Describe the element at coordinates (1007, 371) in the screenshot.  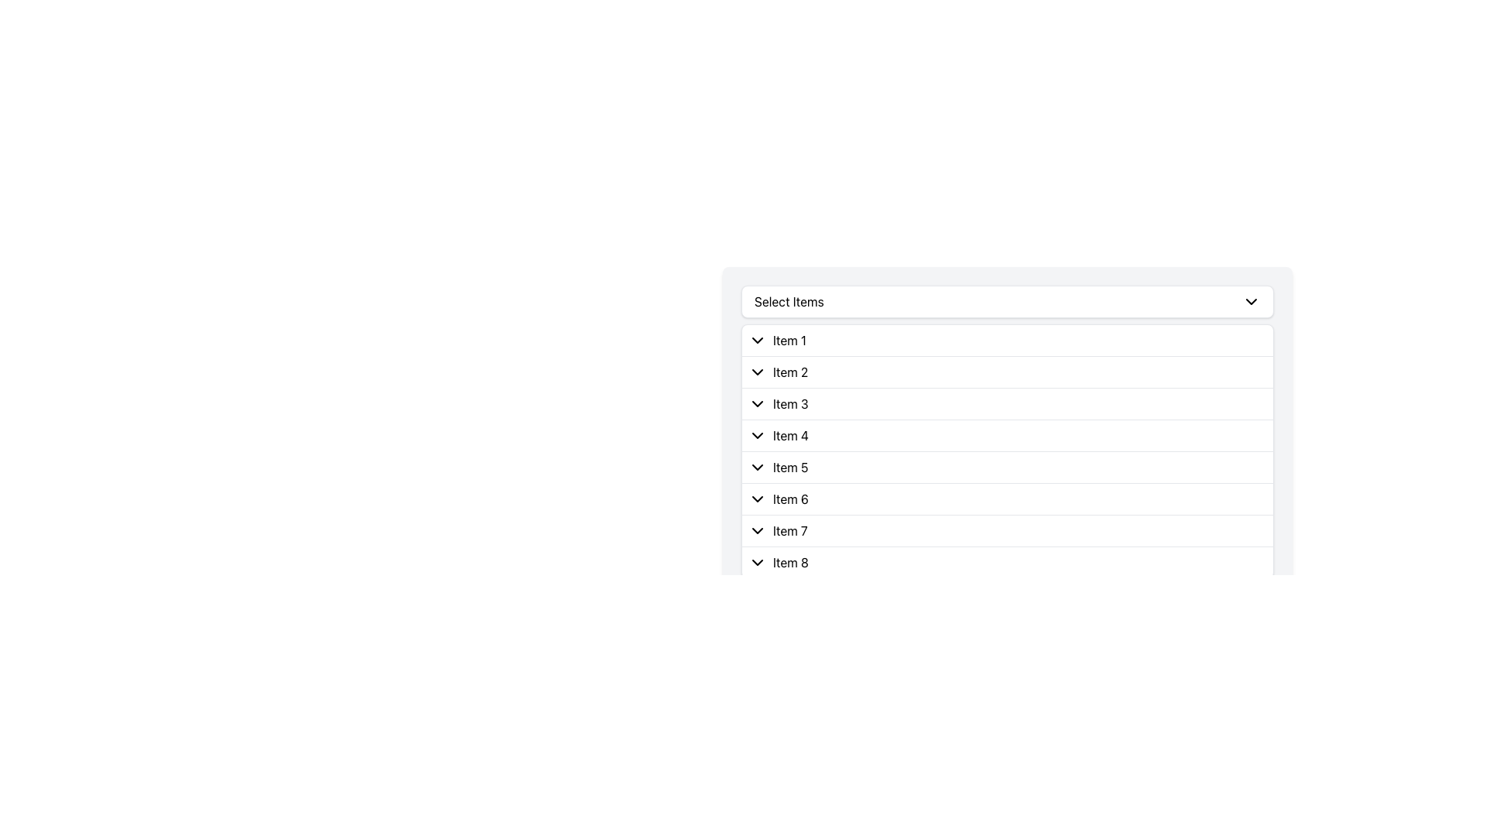
I see `the list item labeled 'Item 2' under the section 'Select Items'` at that location.